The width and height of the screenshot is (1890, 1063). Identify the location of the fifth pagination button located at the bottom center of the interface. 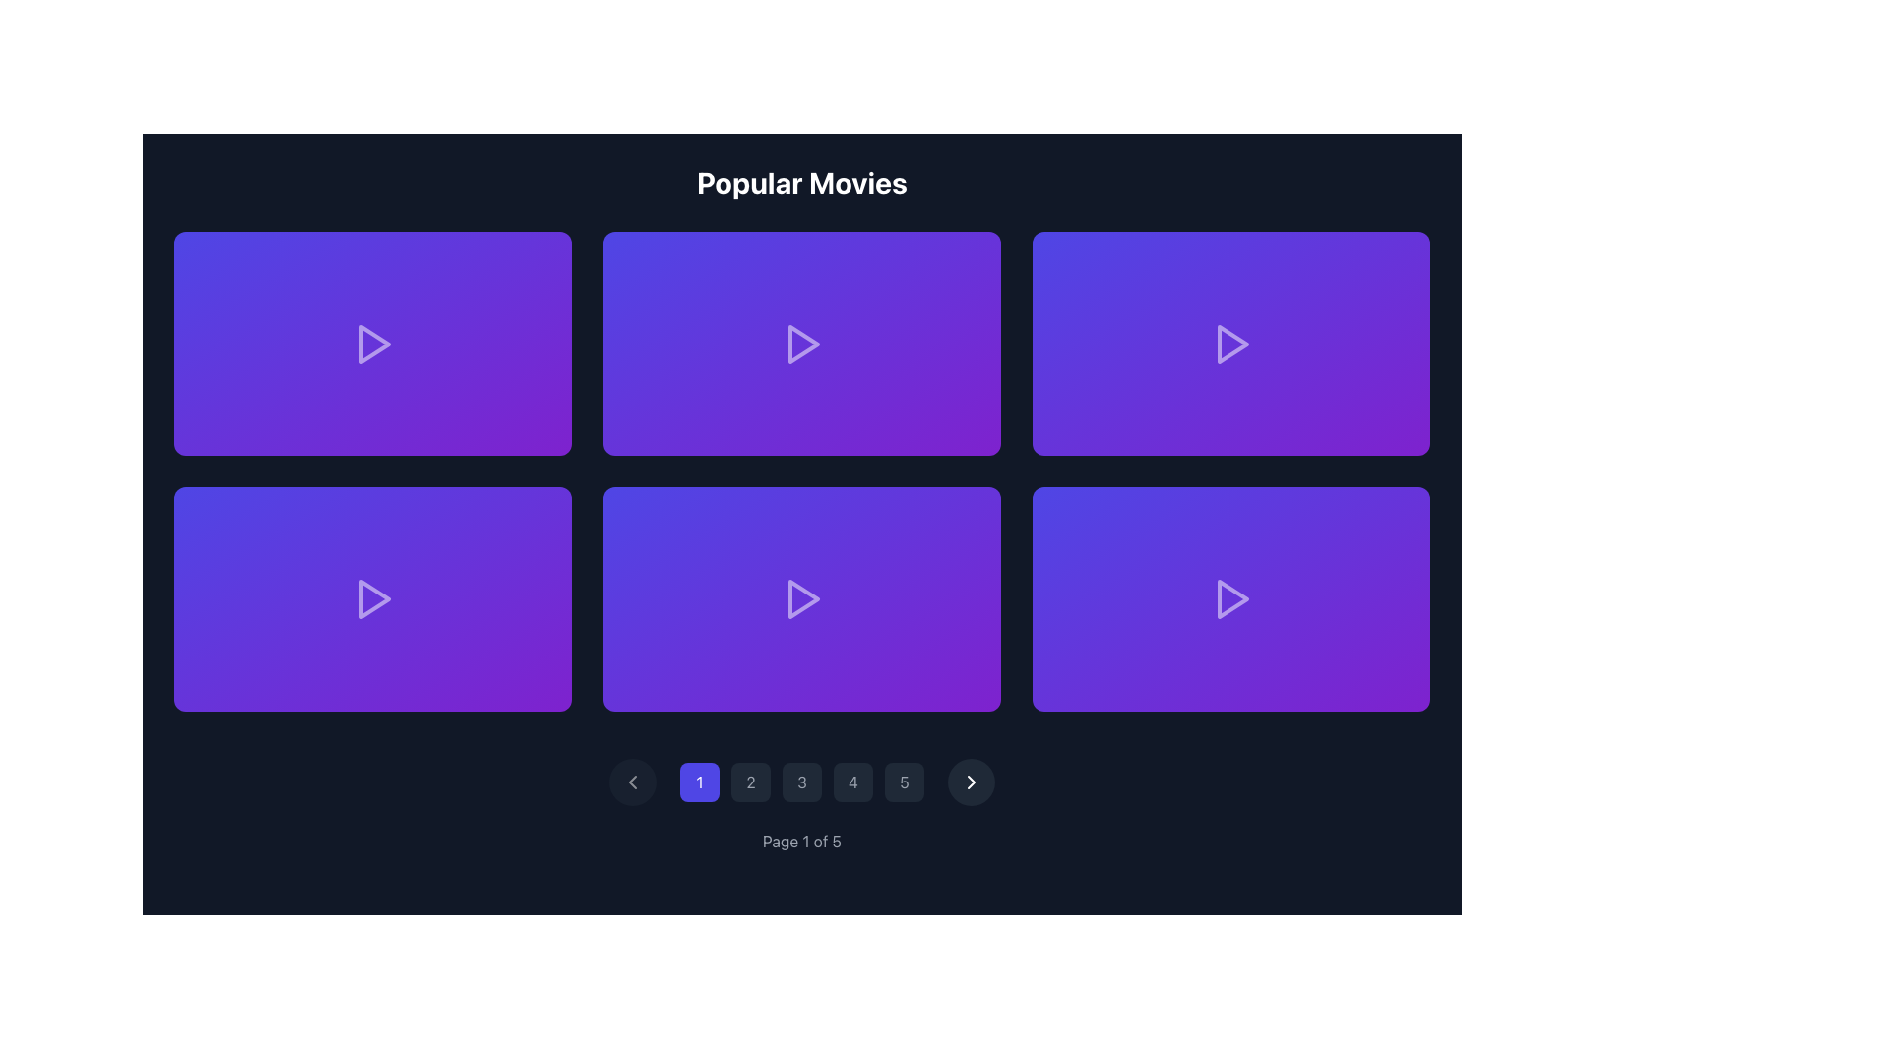
(903, 781).